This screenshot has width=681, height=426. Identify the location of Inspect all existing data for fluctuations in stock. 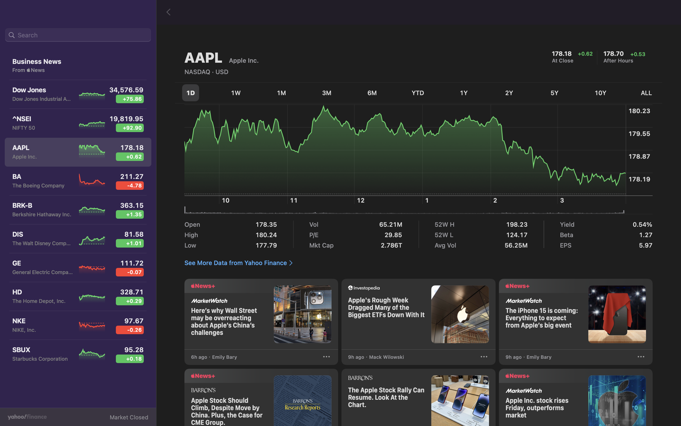
(642, 93).